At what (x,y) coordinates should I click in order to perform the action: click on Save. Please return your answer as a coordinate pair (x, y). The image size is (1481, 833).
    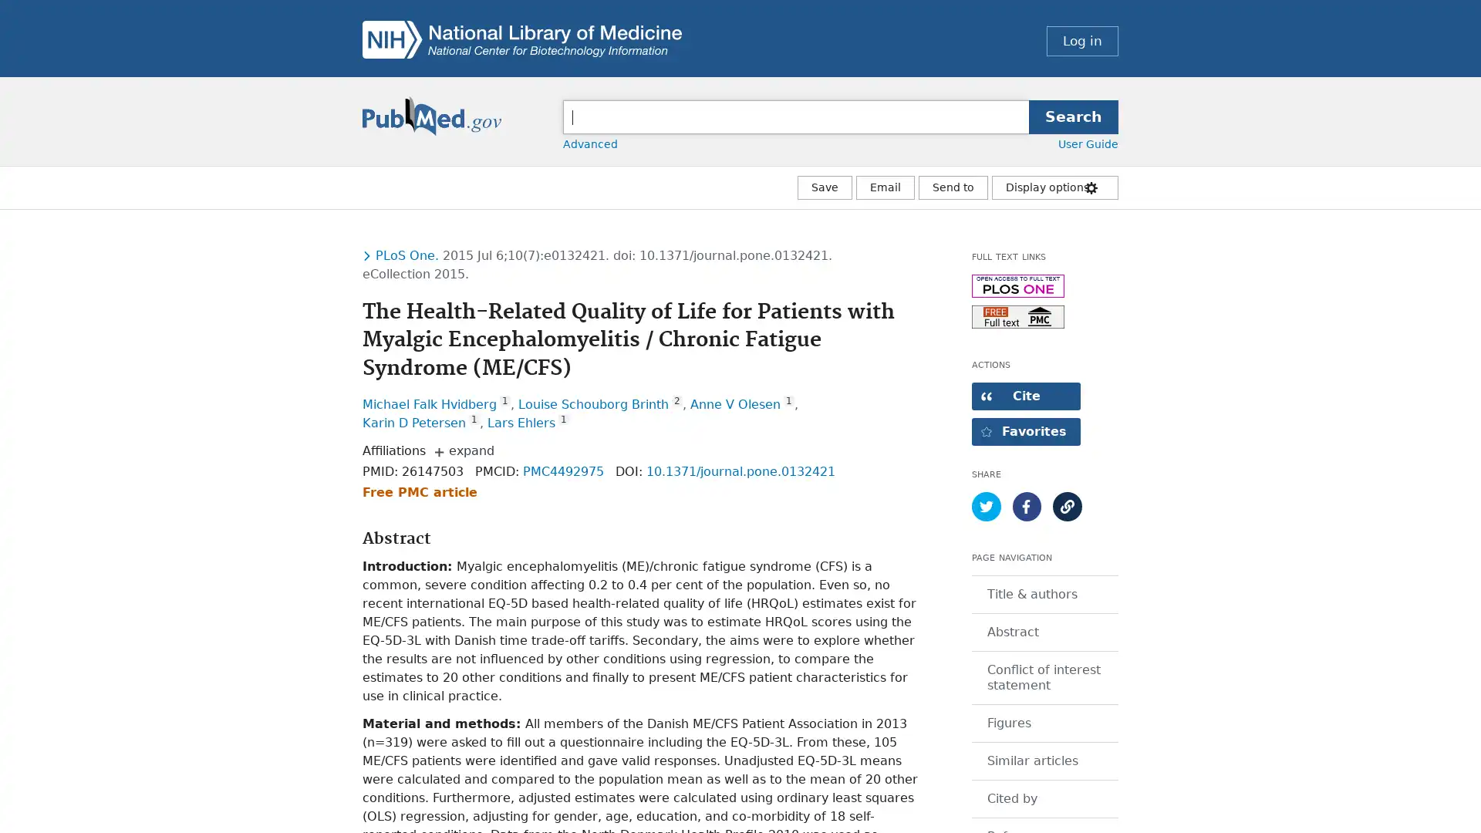
    Looking at the image, I should click on (824, 187).